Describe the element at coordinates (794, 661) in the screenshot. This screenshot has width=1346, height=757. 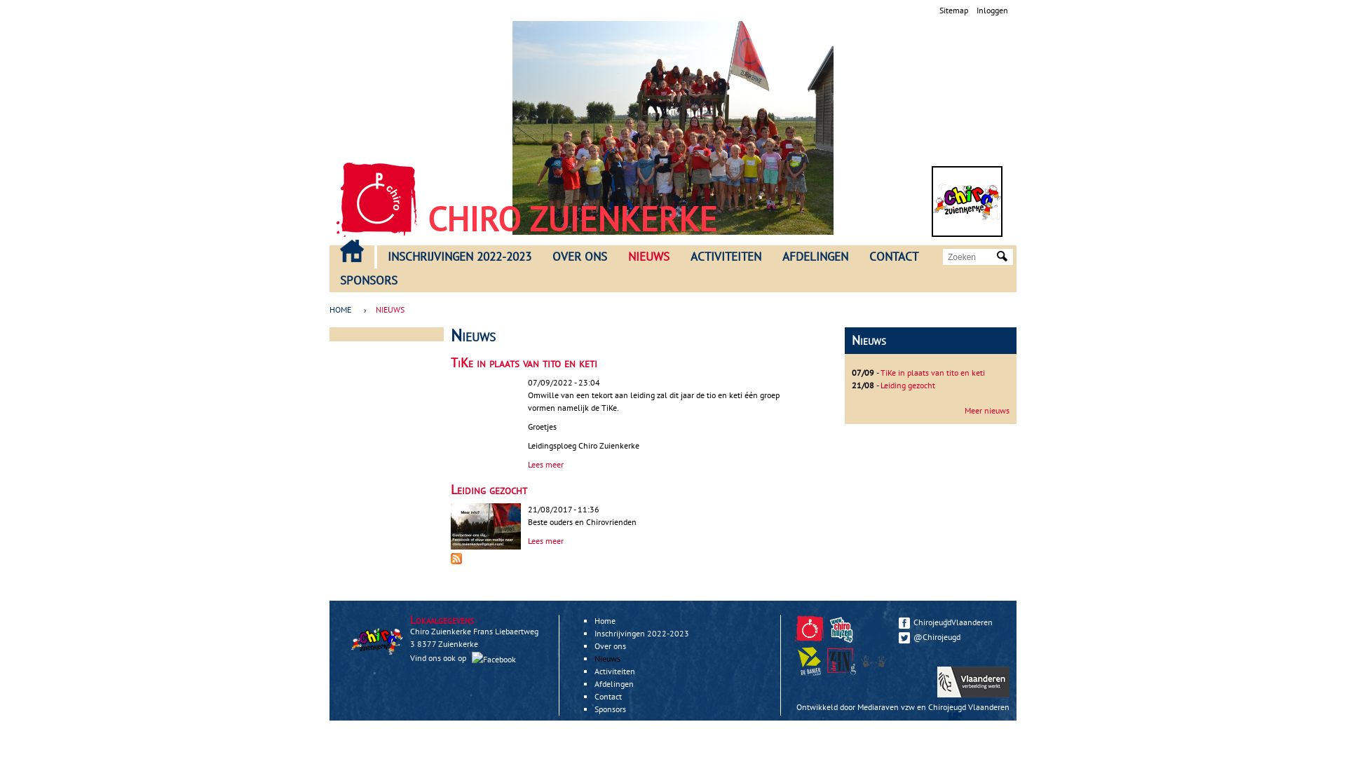
I see `'De Banier'` at that location.